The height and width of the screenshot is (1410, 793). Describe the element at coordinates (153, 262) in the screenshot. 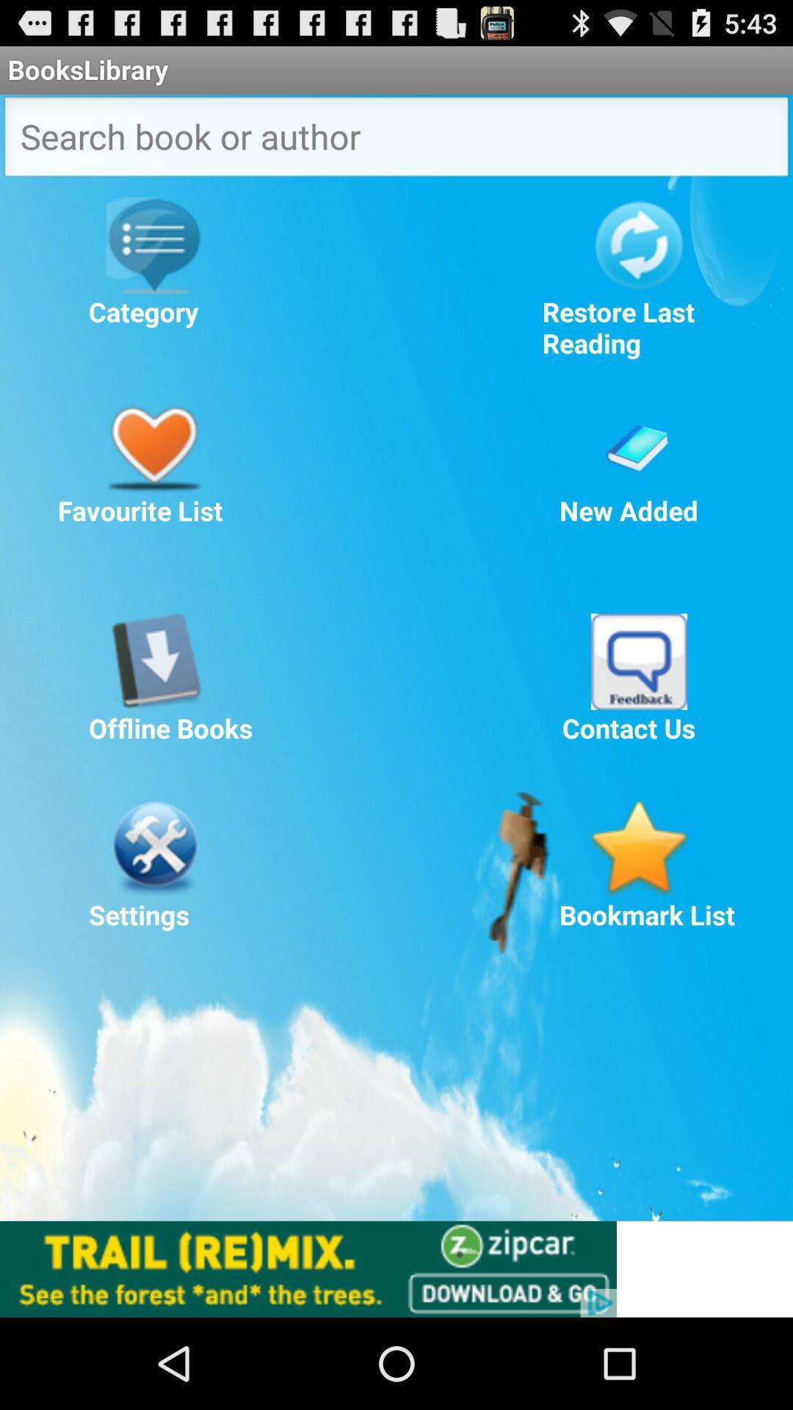

I see `the list icon` at that location.